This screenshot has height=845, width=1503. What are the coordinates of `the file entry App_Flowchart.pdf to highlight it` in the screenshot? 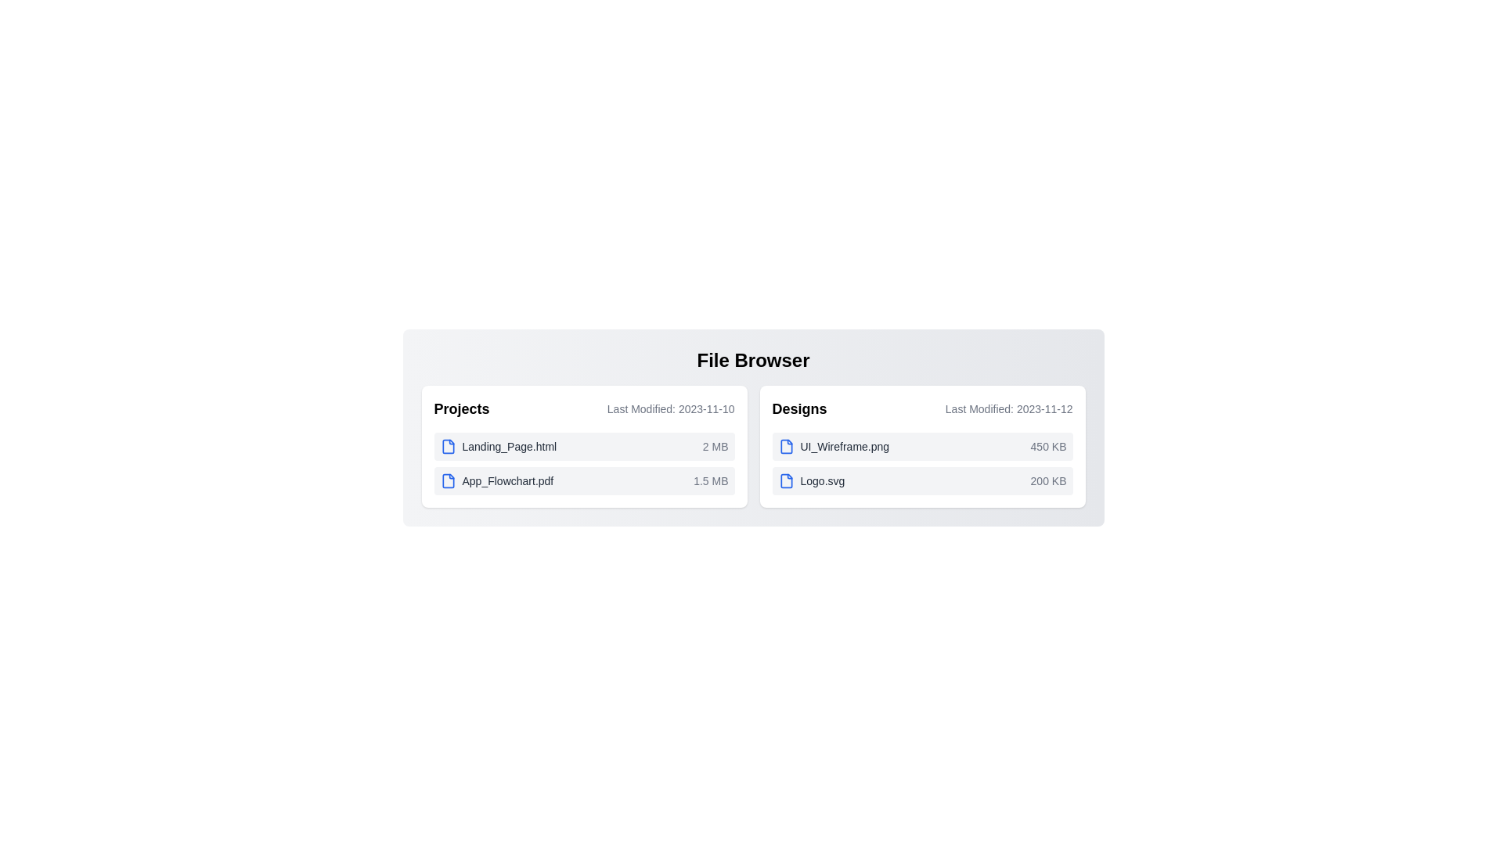 It's located at (583, 480).